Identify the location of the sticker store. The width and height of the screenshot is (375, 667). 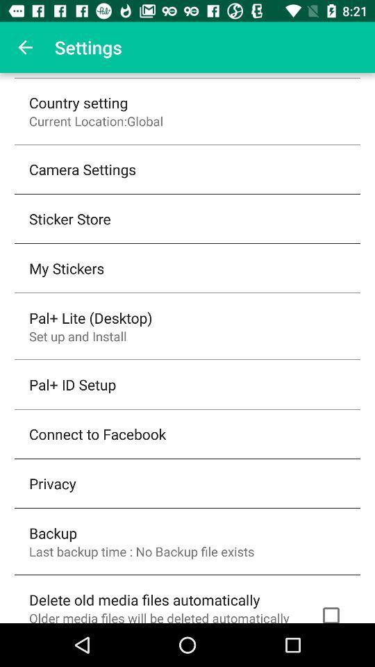
(69, 218).